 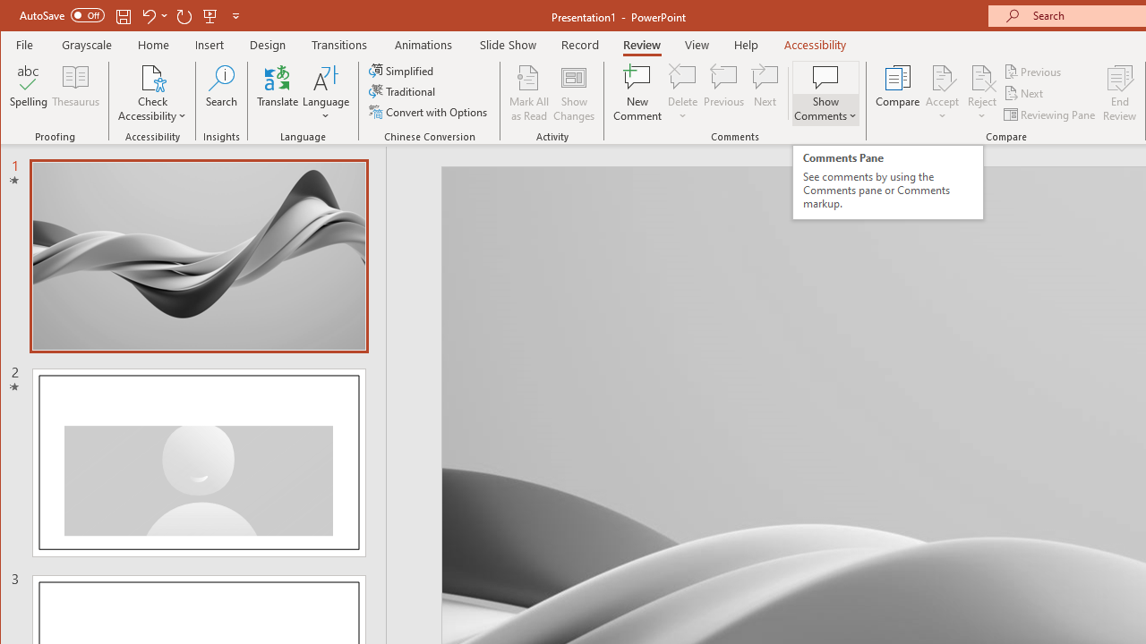 What do you see at coordinates (326, 93) in the screenshot?
I see `'Language'` at bounding box center [326, 93].